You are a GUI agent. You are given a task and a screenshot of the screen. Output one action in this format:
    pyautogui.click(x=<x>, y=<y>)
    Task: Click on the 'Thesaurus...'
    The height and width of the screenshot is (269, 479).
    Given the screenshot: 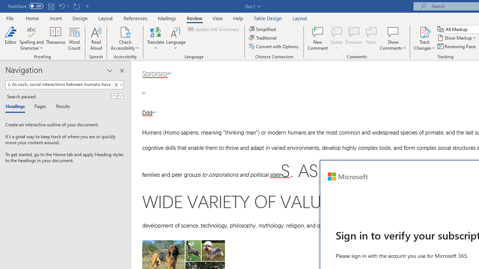 What is the action you would take?
    pyautogui.click(x=55, y=38)
    